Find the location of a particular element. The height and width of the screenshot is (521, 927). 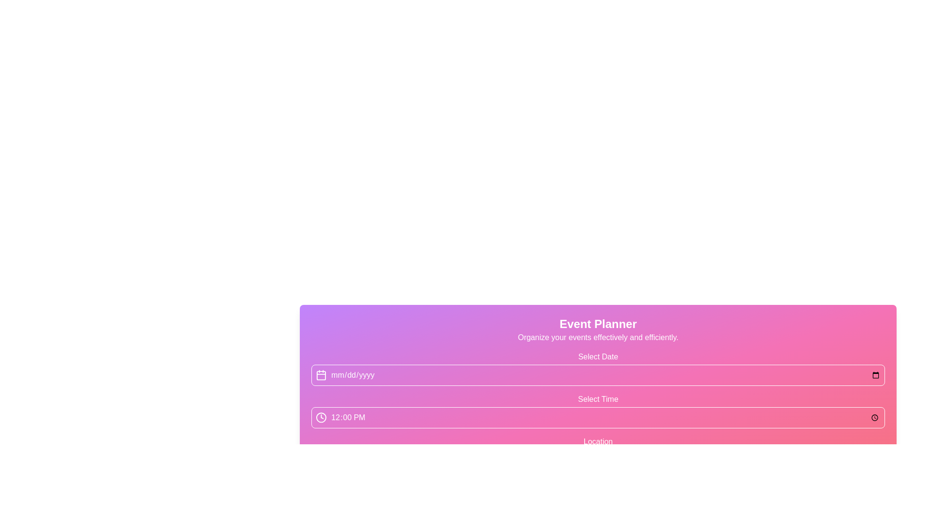

the white calendar icon on the gradient purple-to-pink background, positioned to the left of the 'mm/dd/yyyy' text input field is located at coordinates (321, 375).